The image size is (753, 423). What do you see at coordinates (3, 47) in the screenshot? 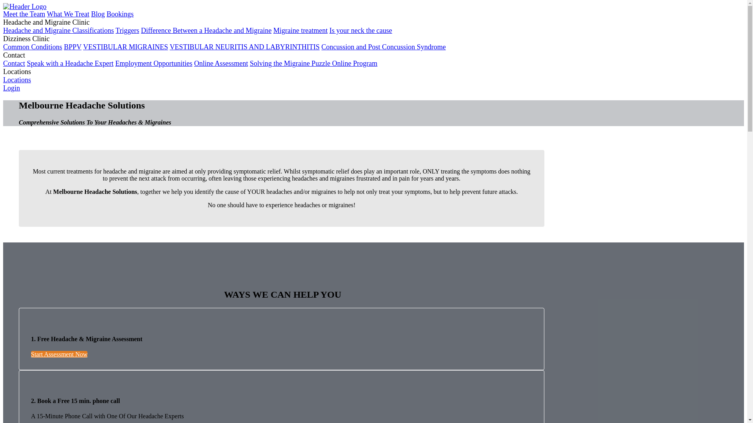
I see `'Common Conditions'` at bounding box center [3, 47].